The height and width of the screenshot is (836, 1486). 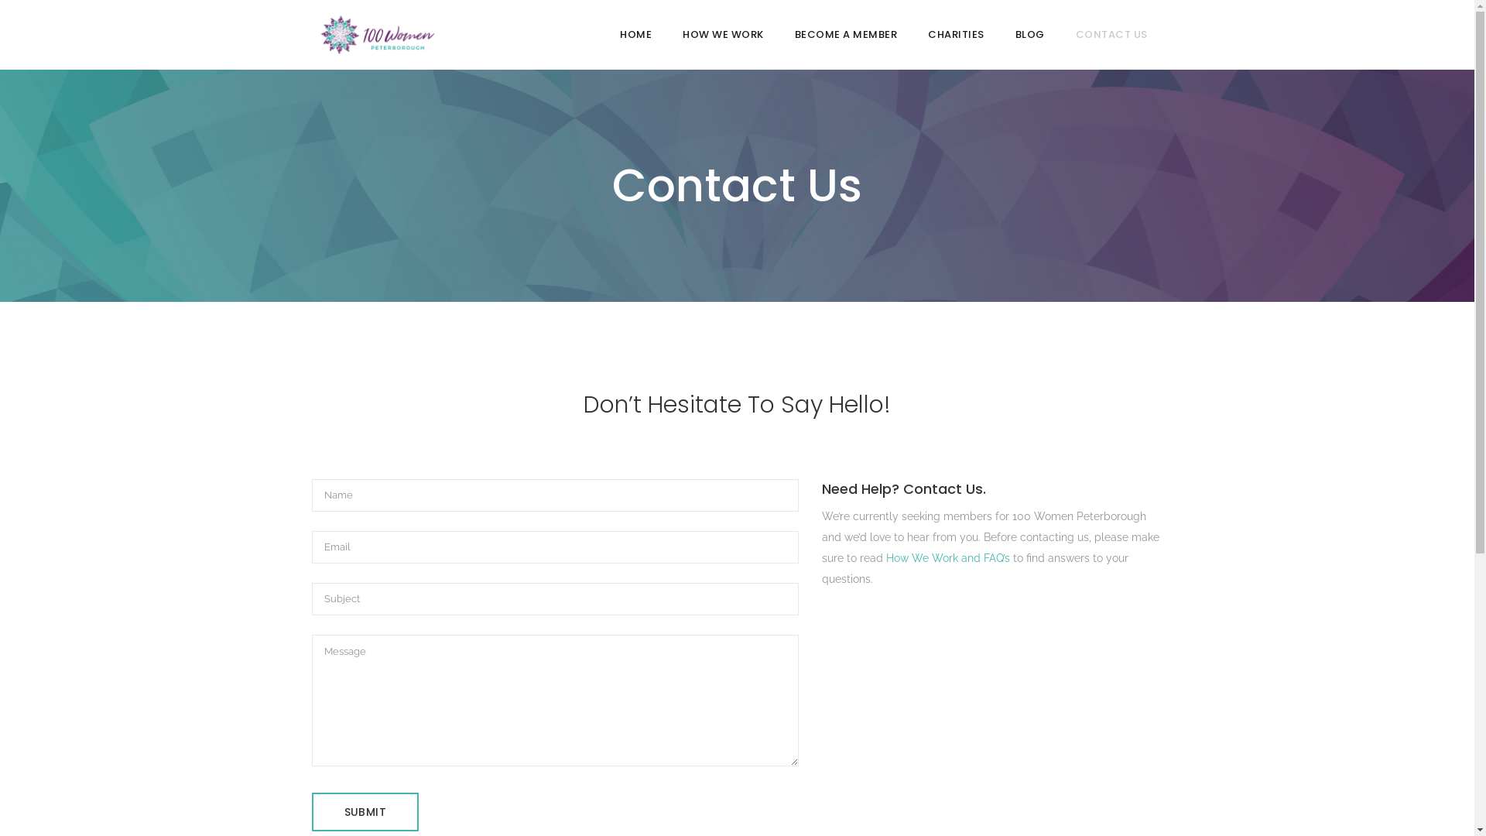 What do you see at coordinates (635, 35) in the screenshot?
I see `'HOME'` at bounding box center [635, 35].